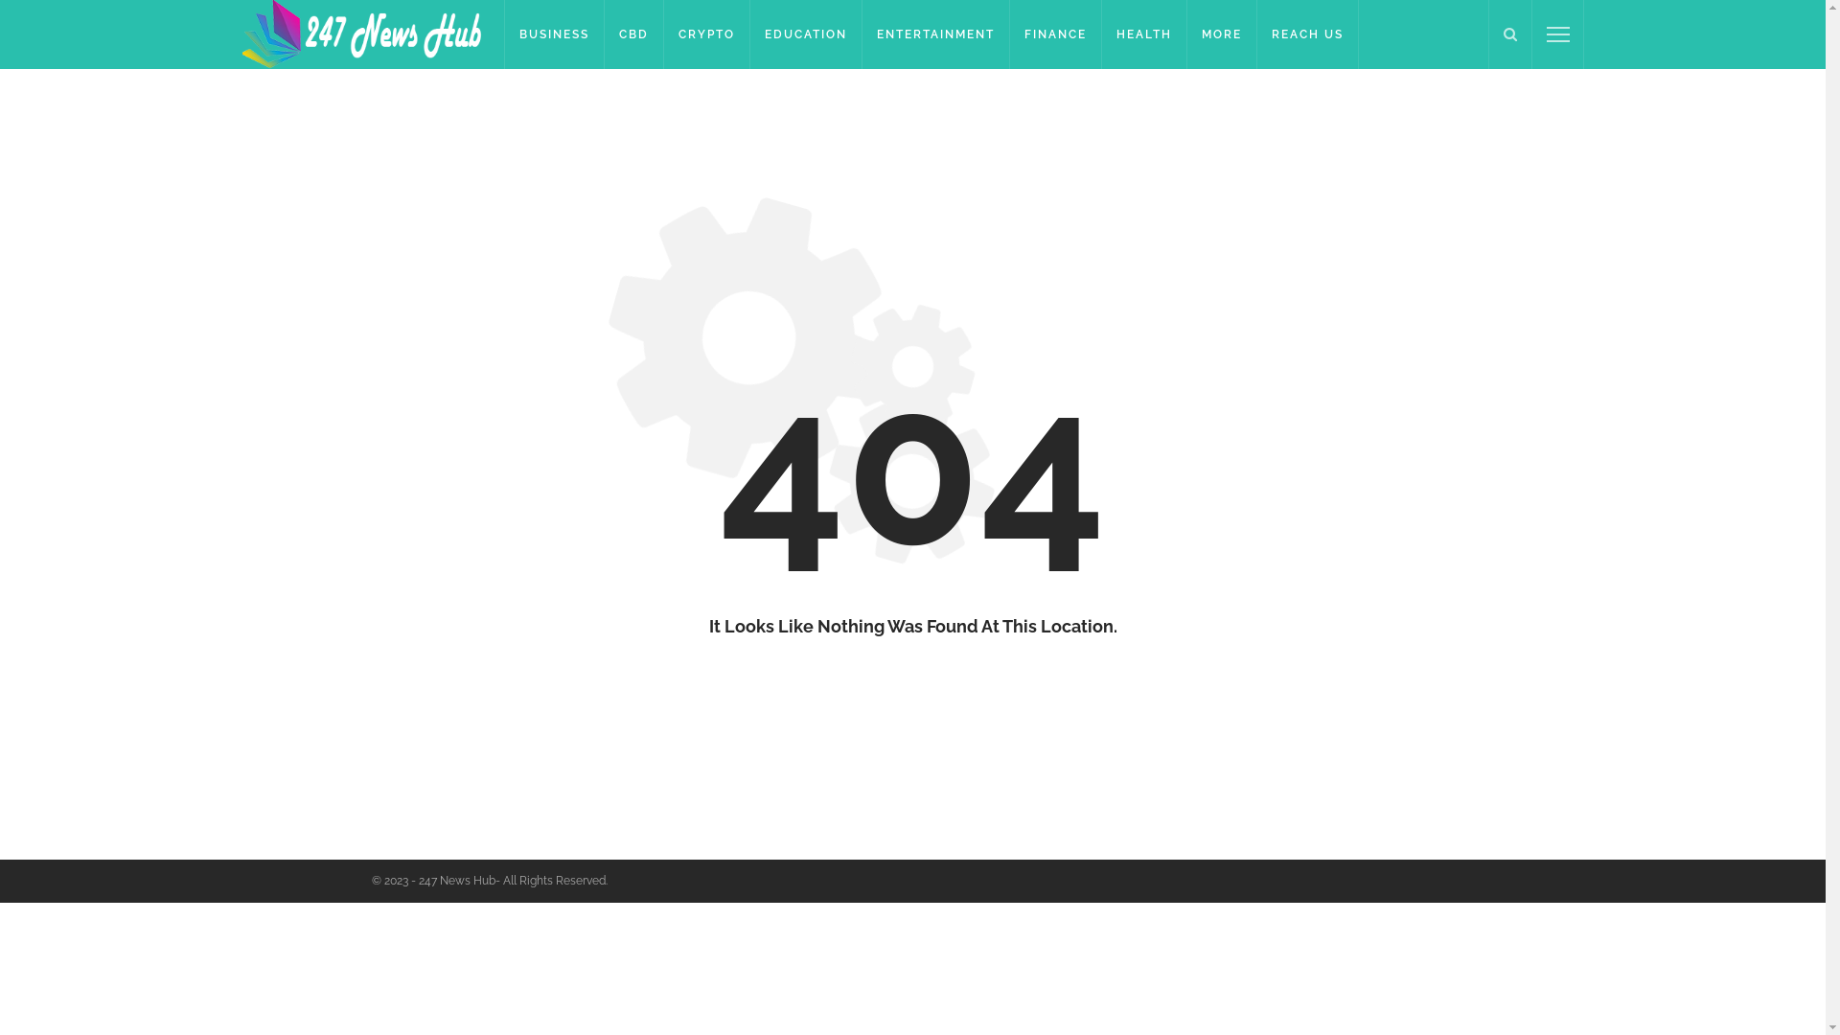  Describe the element at coordinates (1221, 34) in the screenshot. I see `'MORE'` at that location.